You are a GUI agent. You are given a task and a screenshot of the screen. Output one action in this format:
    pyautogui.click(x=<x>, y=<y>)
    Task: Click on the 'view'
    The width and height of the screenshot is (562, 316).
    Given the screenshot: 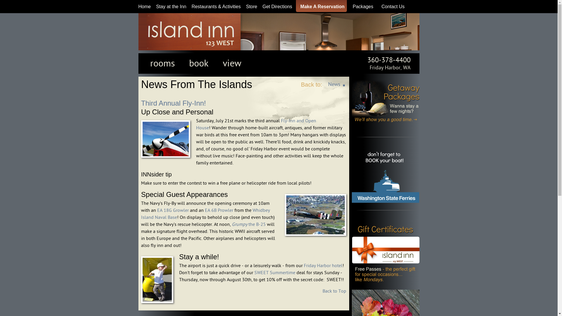 What is the action you would take?
    pyautogui.click(x=232, y=63)
    